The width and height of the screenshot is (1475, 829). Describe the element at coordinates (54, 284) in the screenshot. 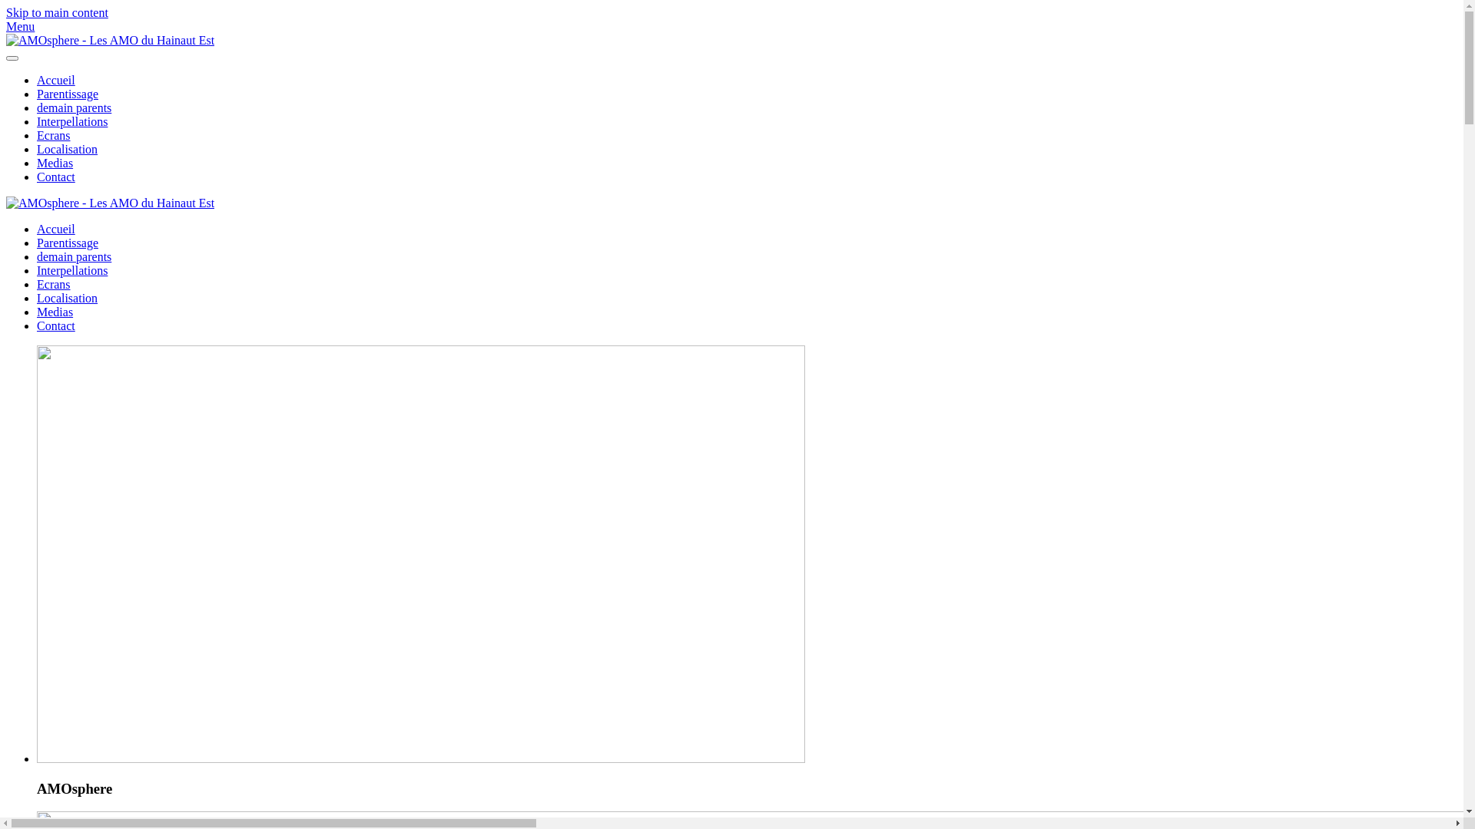

I see `'Ecrans'` at that location.